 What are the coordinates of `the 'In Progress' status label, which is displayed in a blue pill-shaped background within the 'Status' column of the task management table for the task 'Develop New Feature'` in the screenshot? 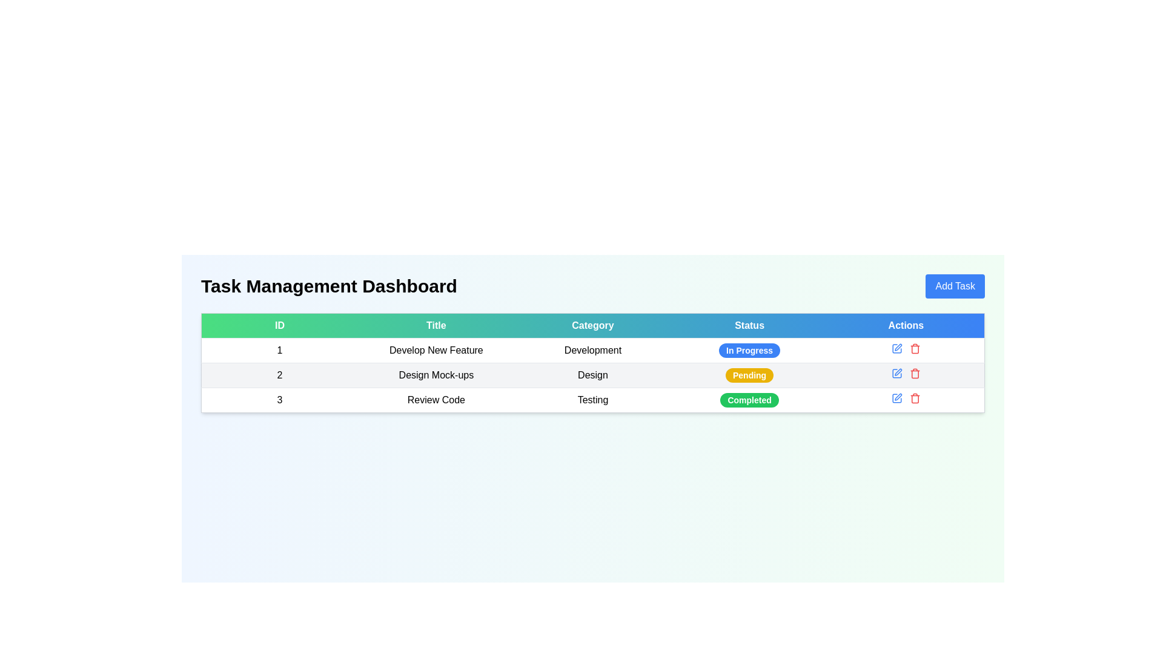 It's located at (749, 350).